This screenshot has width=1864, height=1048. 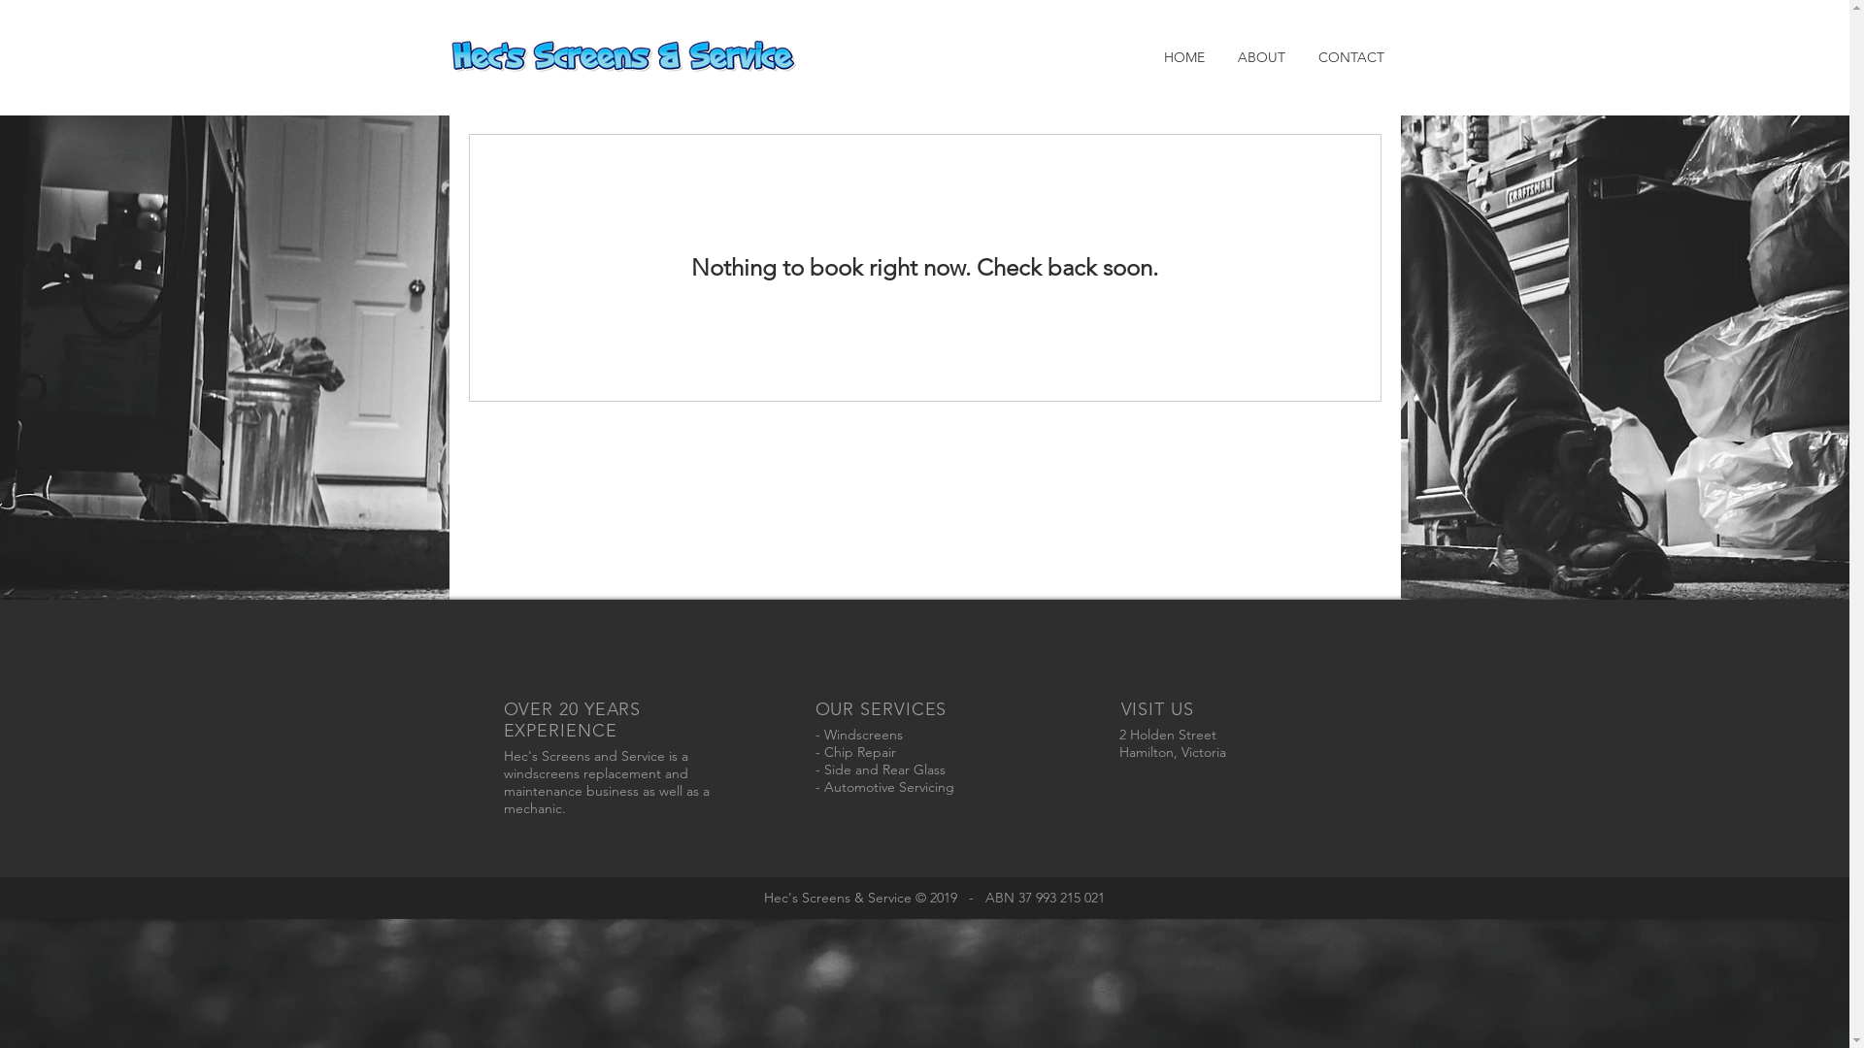 What do you see at coordinates (1182, 55) in the screenshot?
I see `'HOME'` at bounding box center [1182, 55].